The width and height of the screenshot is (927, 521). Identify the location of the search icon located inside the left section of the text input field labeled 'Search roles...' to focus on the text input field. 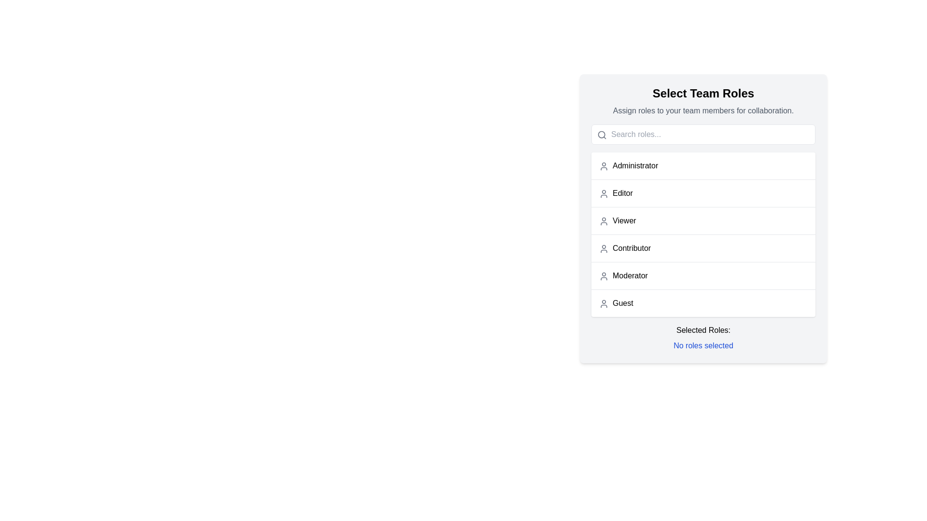
(602, 135).